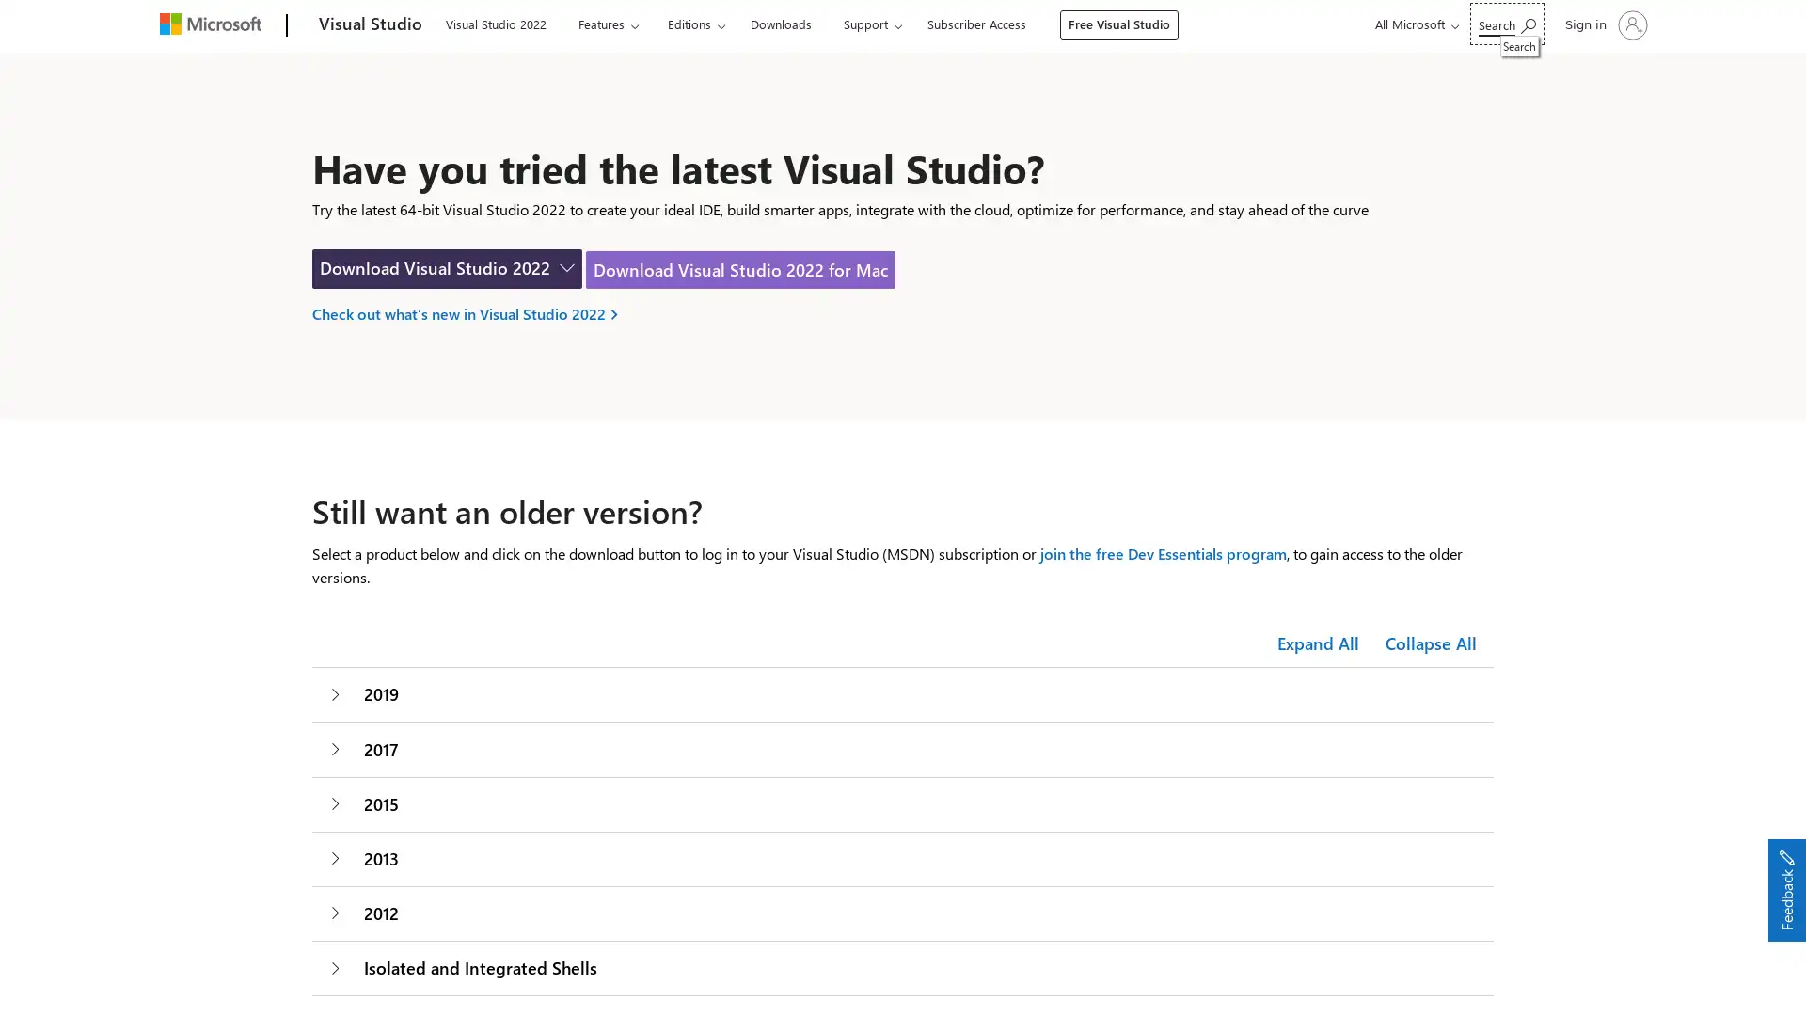  What do you see at coordinates (1414, 24) in the screenshot?
I see `All Microsoft expand to see list of Microsoft products and services` at bounding box center [1414, 24].